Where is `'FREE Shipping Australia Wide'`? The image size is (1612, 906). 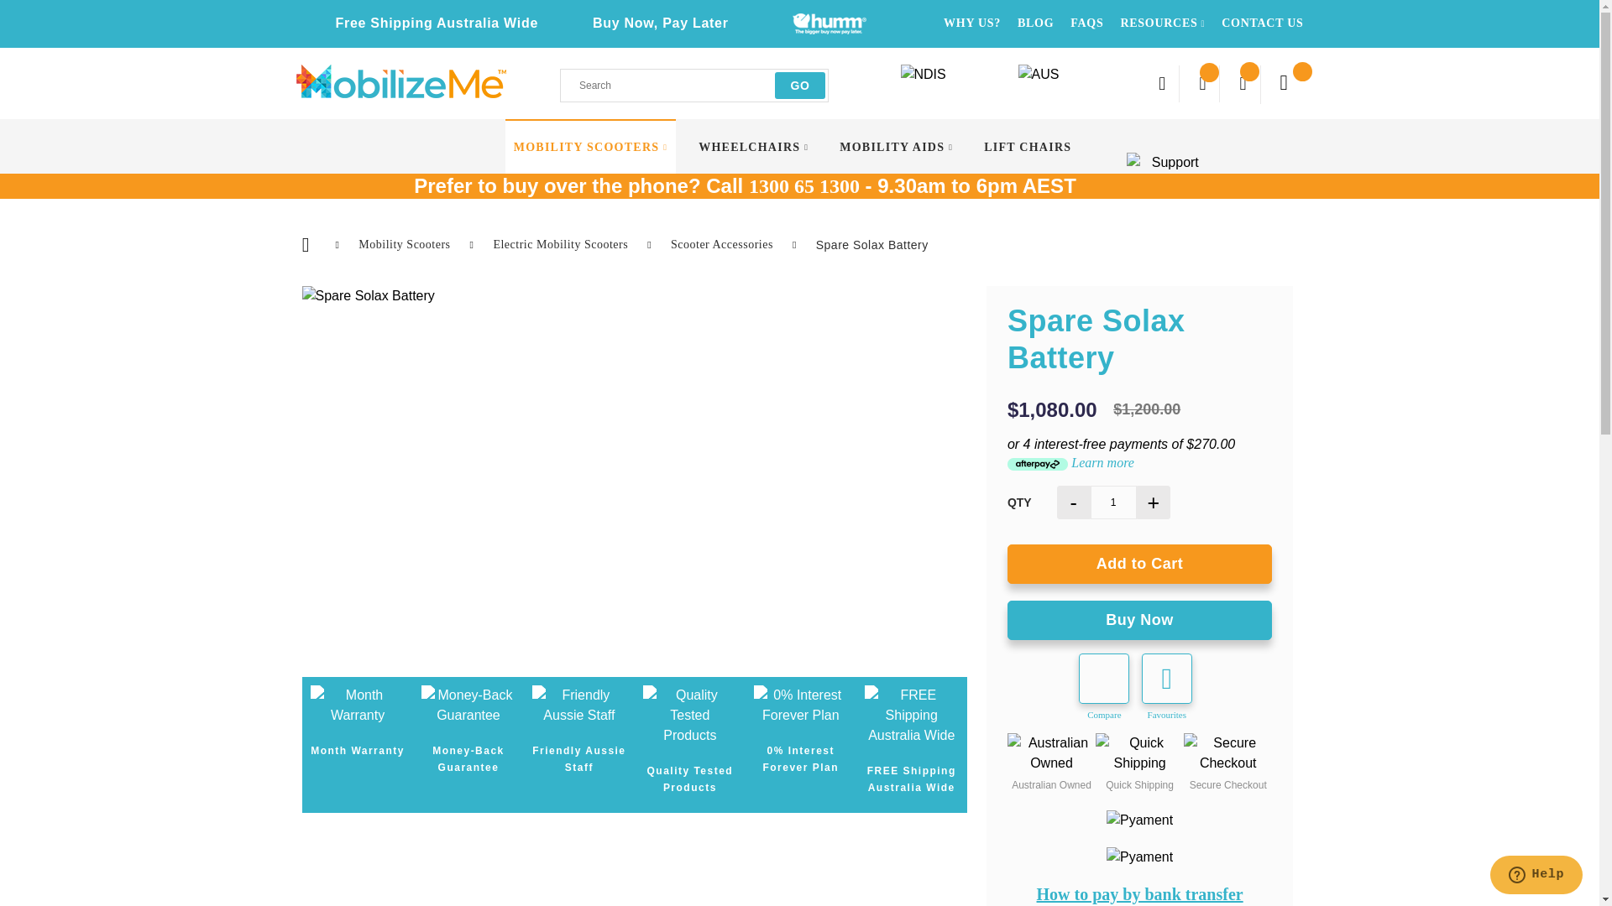 'FREE Shipping Australia Wide' is located at coordinates (910, 715).